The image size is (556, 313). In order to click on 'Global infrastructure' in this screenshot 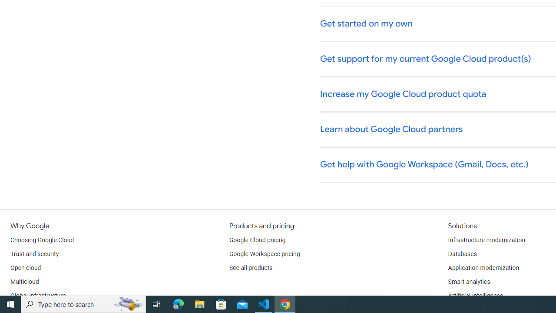, I will do `click(38, 296)`.